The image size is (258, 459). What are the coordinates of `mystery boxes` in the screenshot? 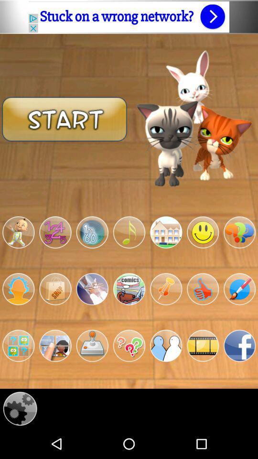 It's located at (18, 345).